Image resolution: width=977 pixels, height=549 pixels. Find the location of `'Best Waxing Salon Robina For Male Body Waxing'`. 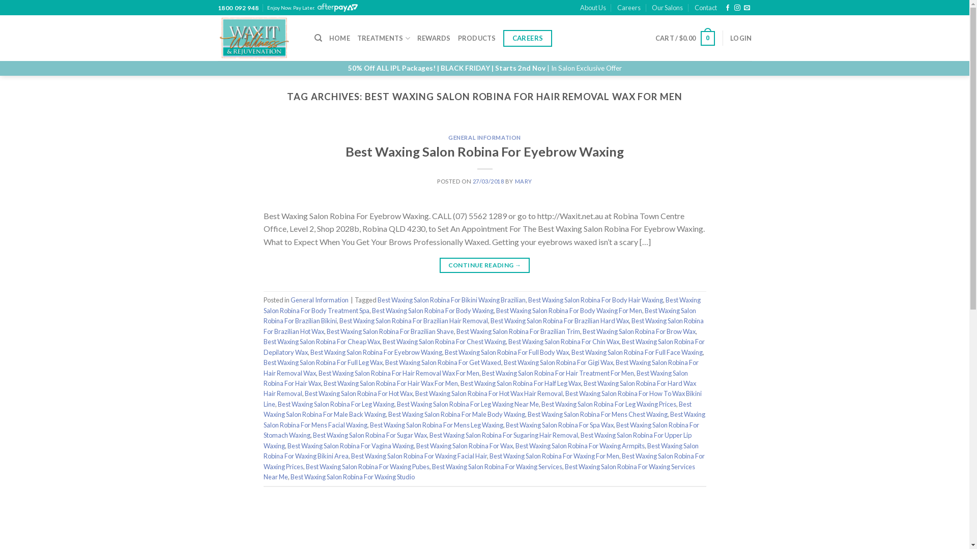

'Best Waxing Salon Robina For Male Body Waxing' is located at coordinates (455, 414).